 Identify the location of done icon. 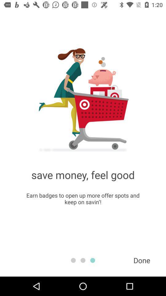
(142, 260).